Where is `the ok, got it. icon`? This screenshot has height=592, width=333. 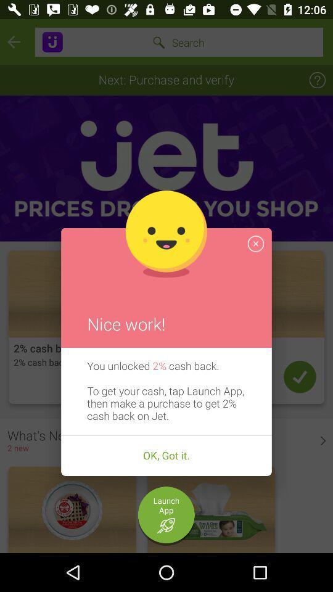 the ok, got it. icon is located at coordinates (166, 455).